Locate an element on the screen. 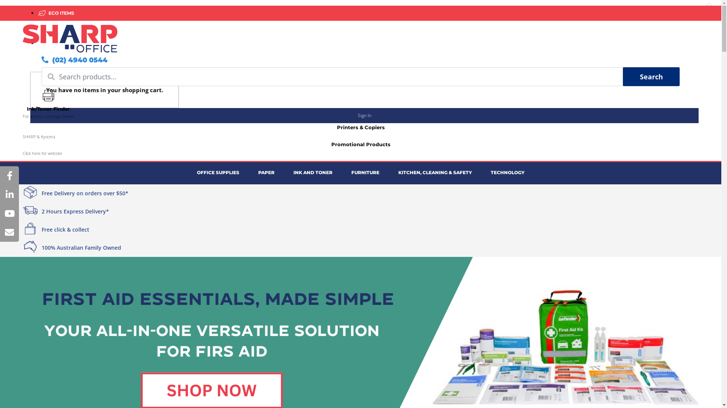  'Sign In' is located at coordinates (364, 115).